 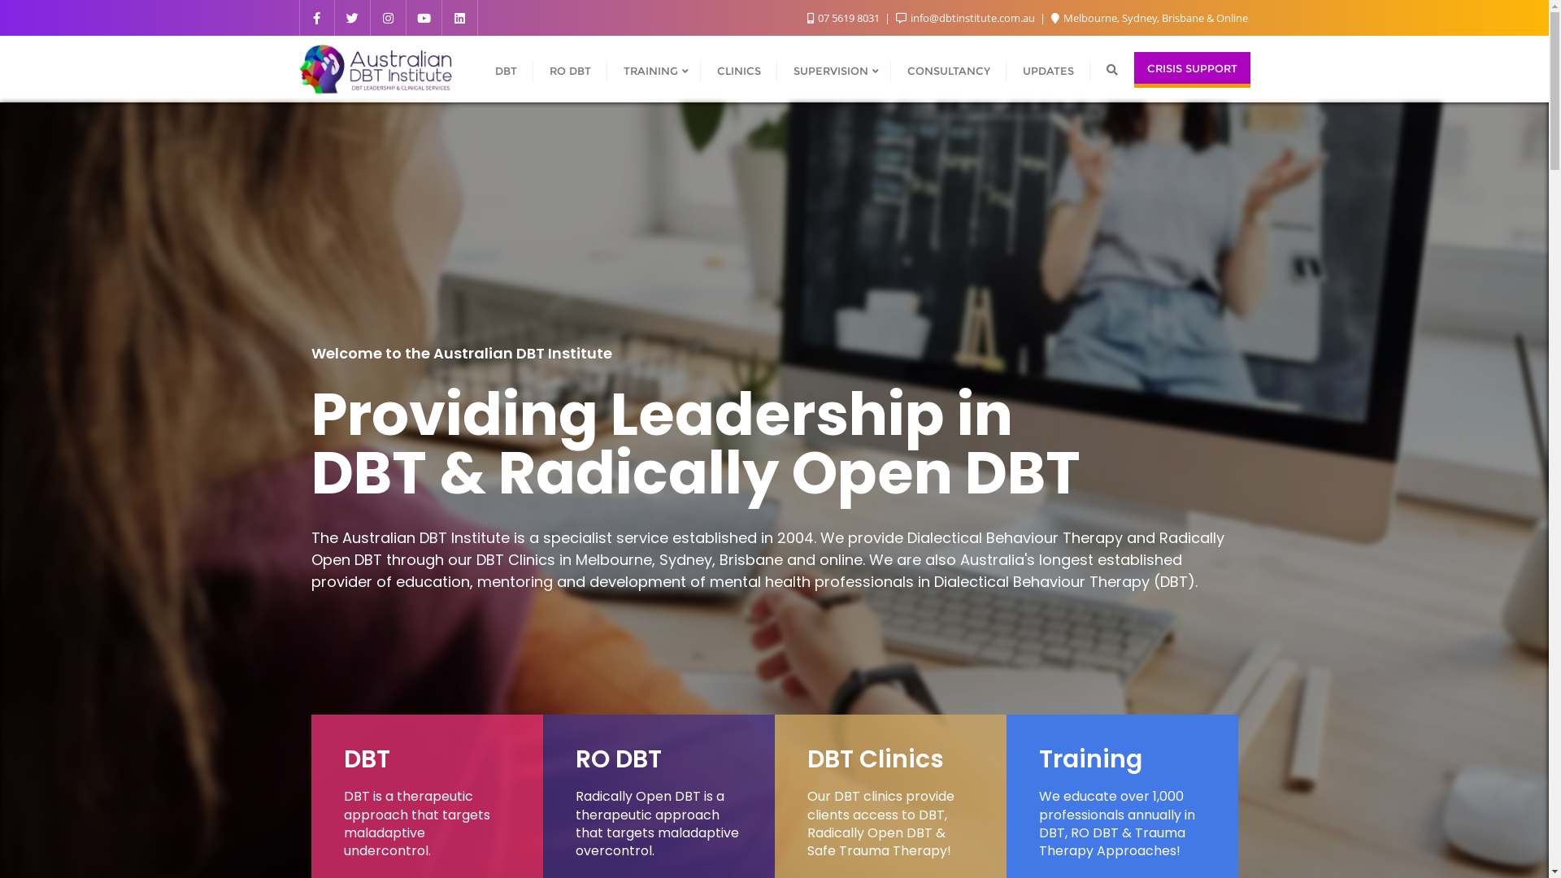 What do you see at coordinates (737, 68) in the screenshot?
I see `'CLINICS'` at bounding box center [737, 68].